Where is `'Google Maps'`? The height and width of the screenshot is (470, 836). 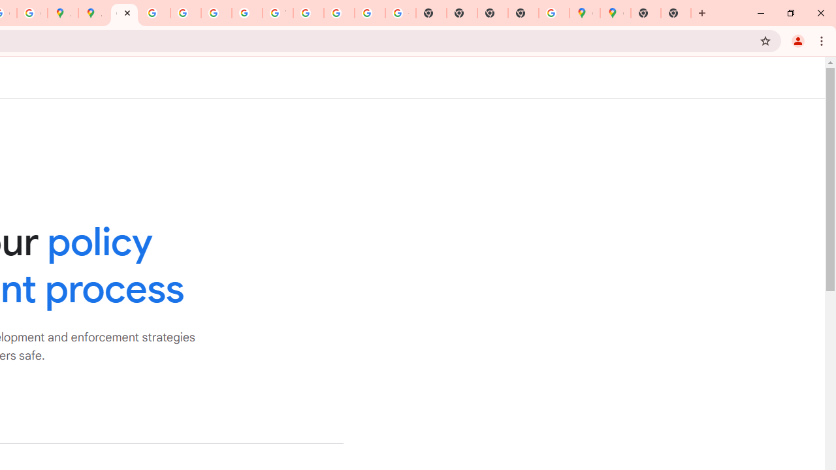 'Google Maps' is located at coordinates (615, 13).